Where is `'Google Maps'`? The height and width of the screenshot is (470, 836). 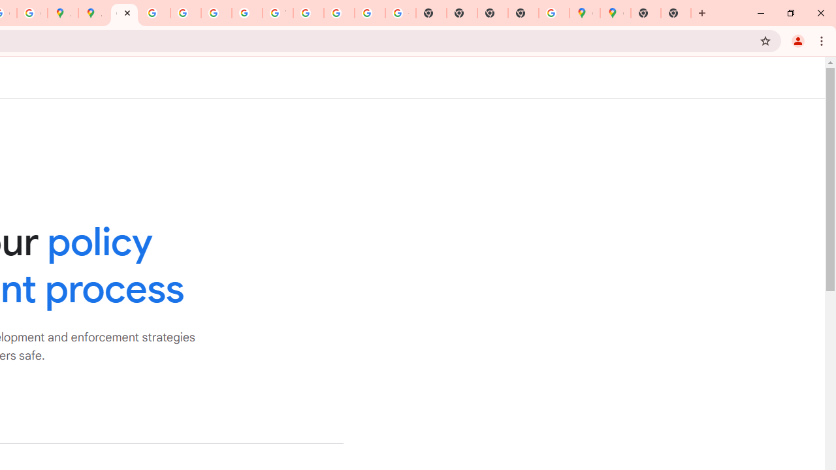 'Google Maps' is located at coordinates (615, 13).